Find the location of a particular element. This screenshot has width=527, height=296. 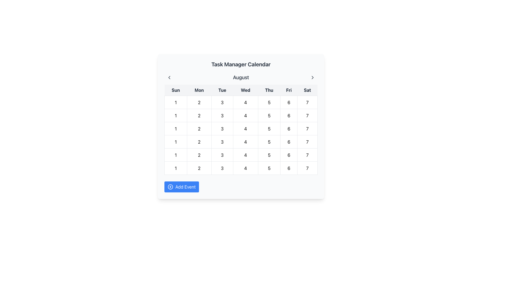

the centered numeral '4' in bold style within the small square box of the selected Calendar Date Cell in the Task Manager Calendar interface is located at coordinates (245, 155).